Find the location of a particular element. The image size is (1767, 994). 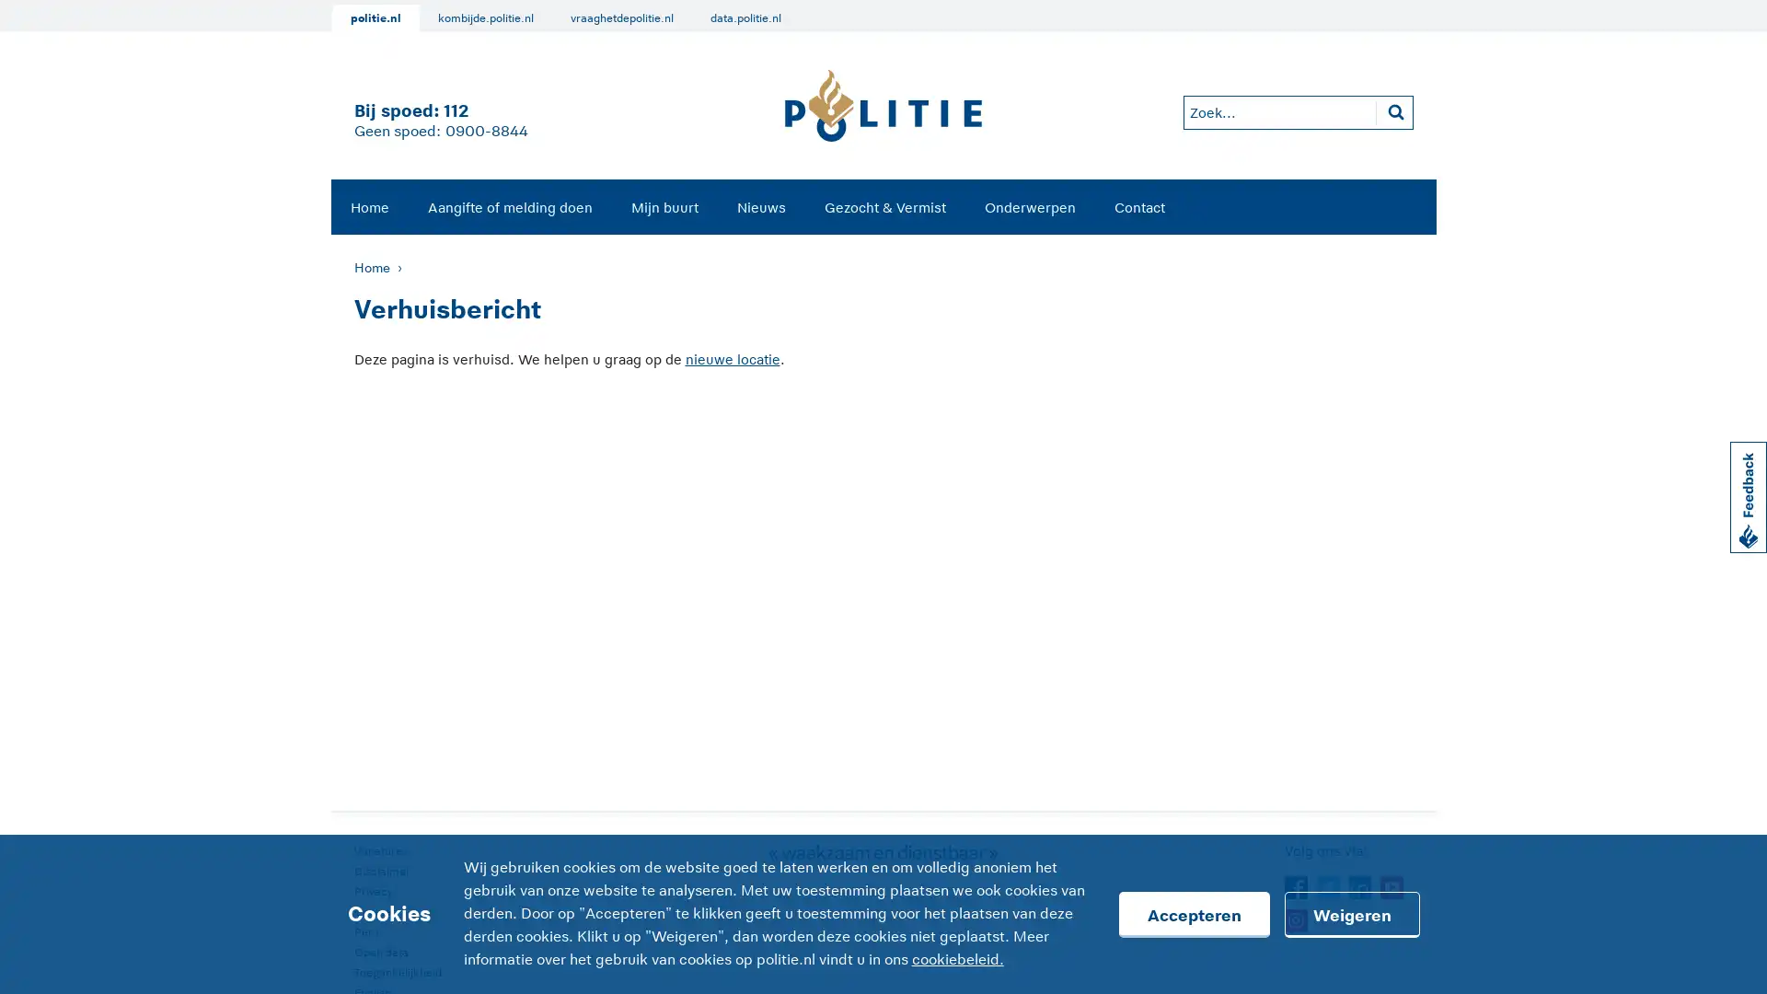

Zoeken is located at coordinates (1182, 128).